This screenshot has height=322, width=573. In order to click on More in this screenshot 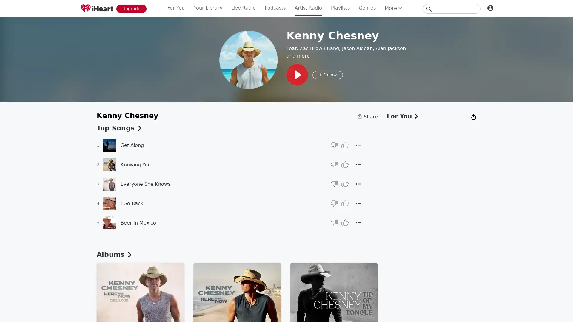, I will do `click(358, 223)`.